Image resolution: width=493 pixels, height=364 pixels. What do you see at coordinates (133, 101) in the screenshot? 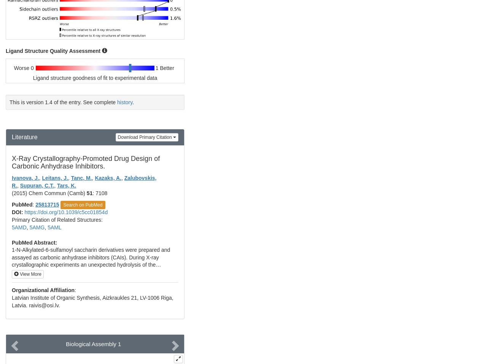
I see `'.'` at bounding box center [133, 101].